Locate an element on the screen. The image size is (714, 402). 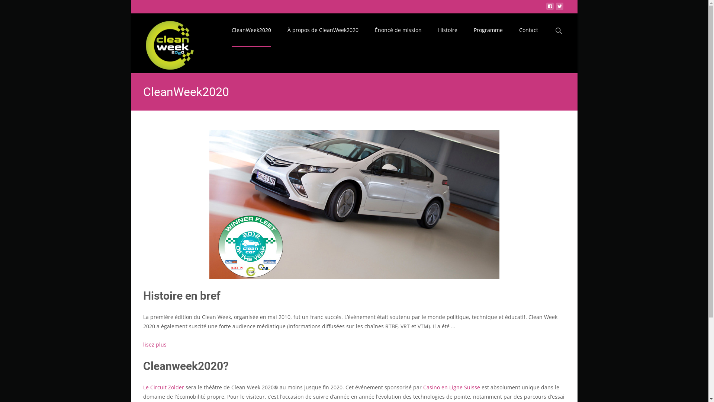
'CleanWeek2020' is located at coordinates (251, 30).